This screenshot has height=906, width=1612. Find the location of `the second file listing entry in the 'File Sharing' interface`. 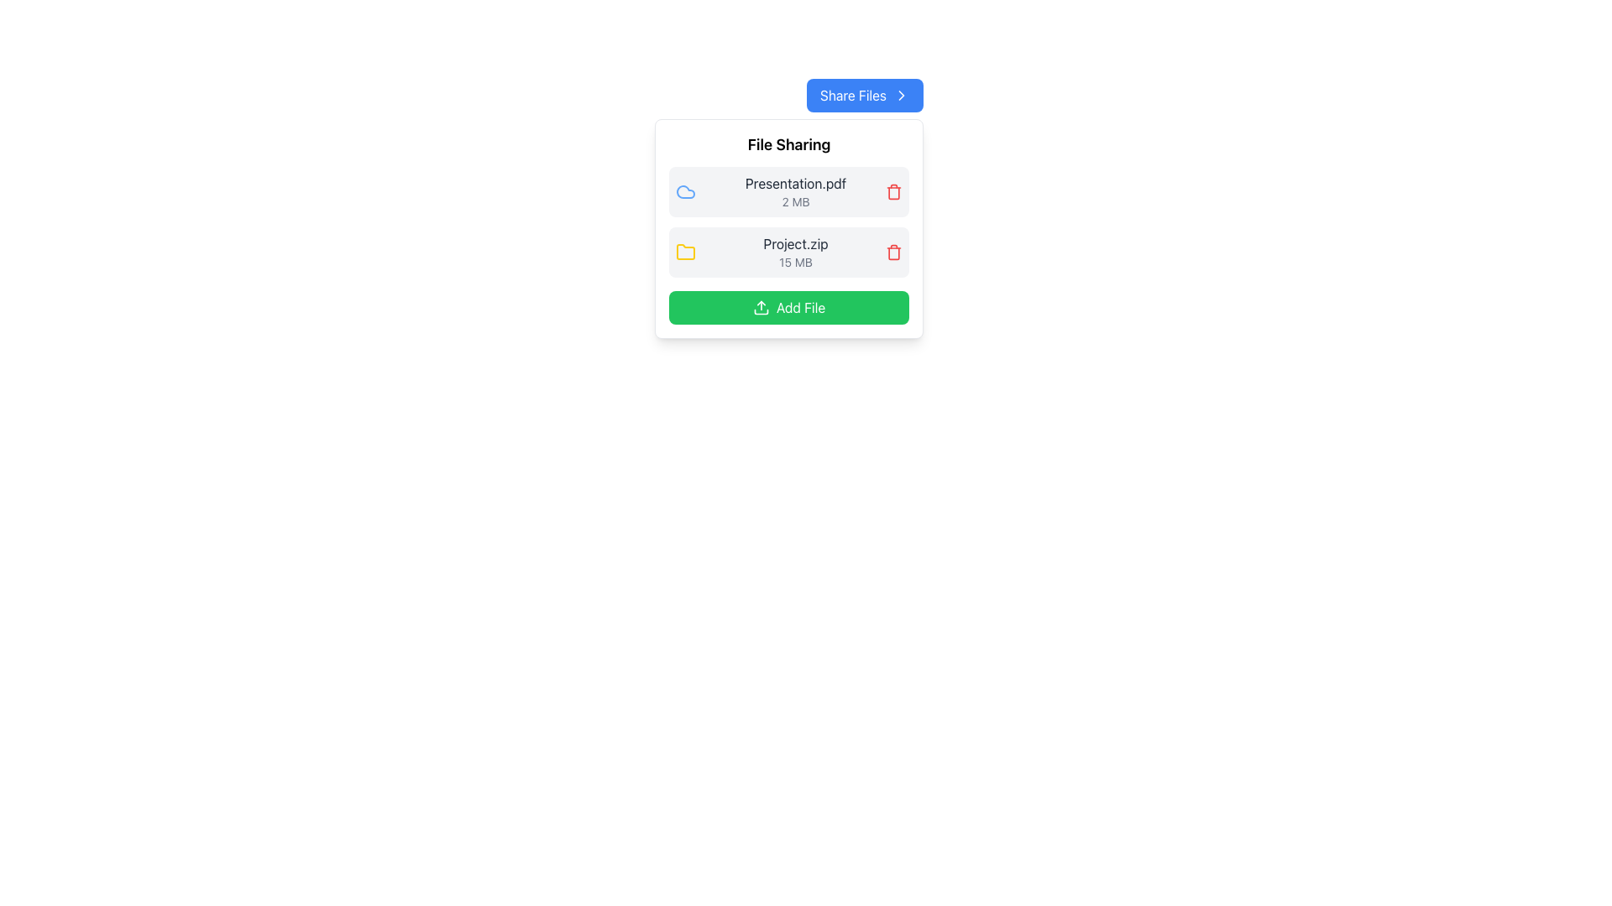

the second file listing entry in the 'File Sharing' interface is located at coordinates (788, 252).